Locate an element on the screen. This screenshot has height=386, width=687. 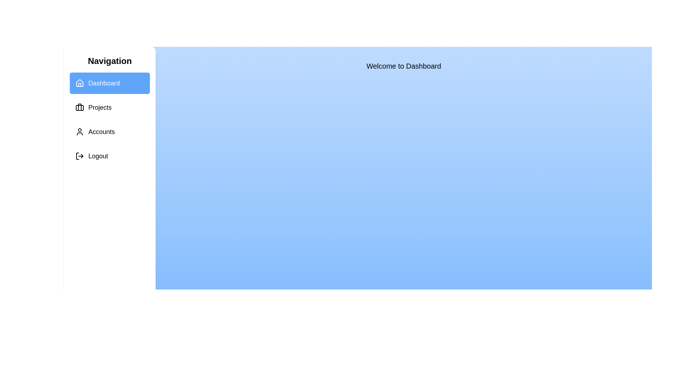
the menu item Logout to navigate to the corresponding section is located at coordinates (109, 155).